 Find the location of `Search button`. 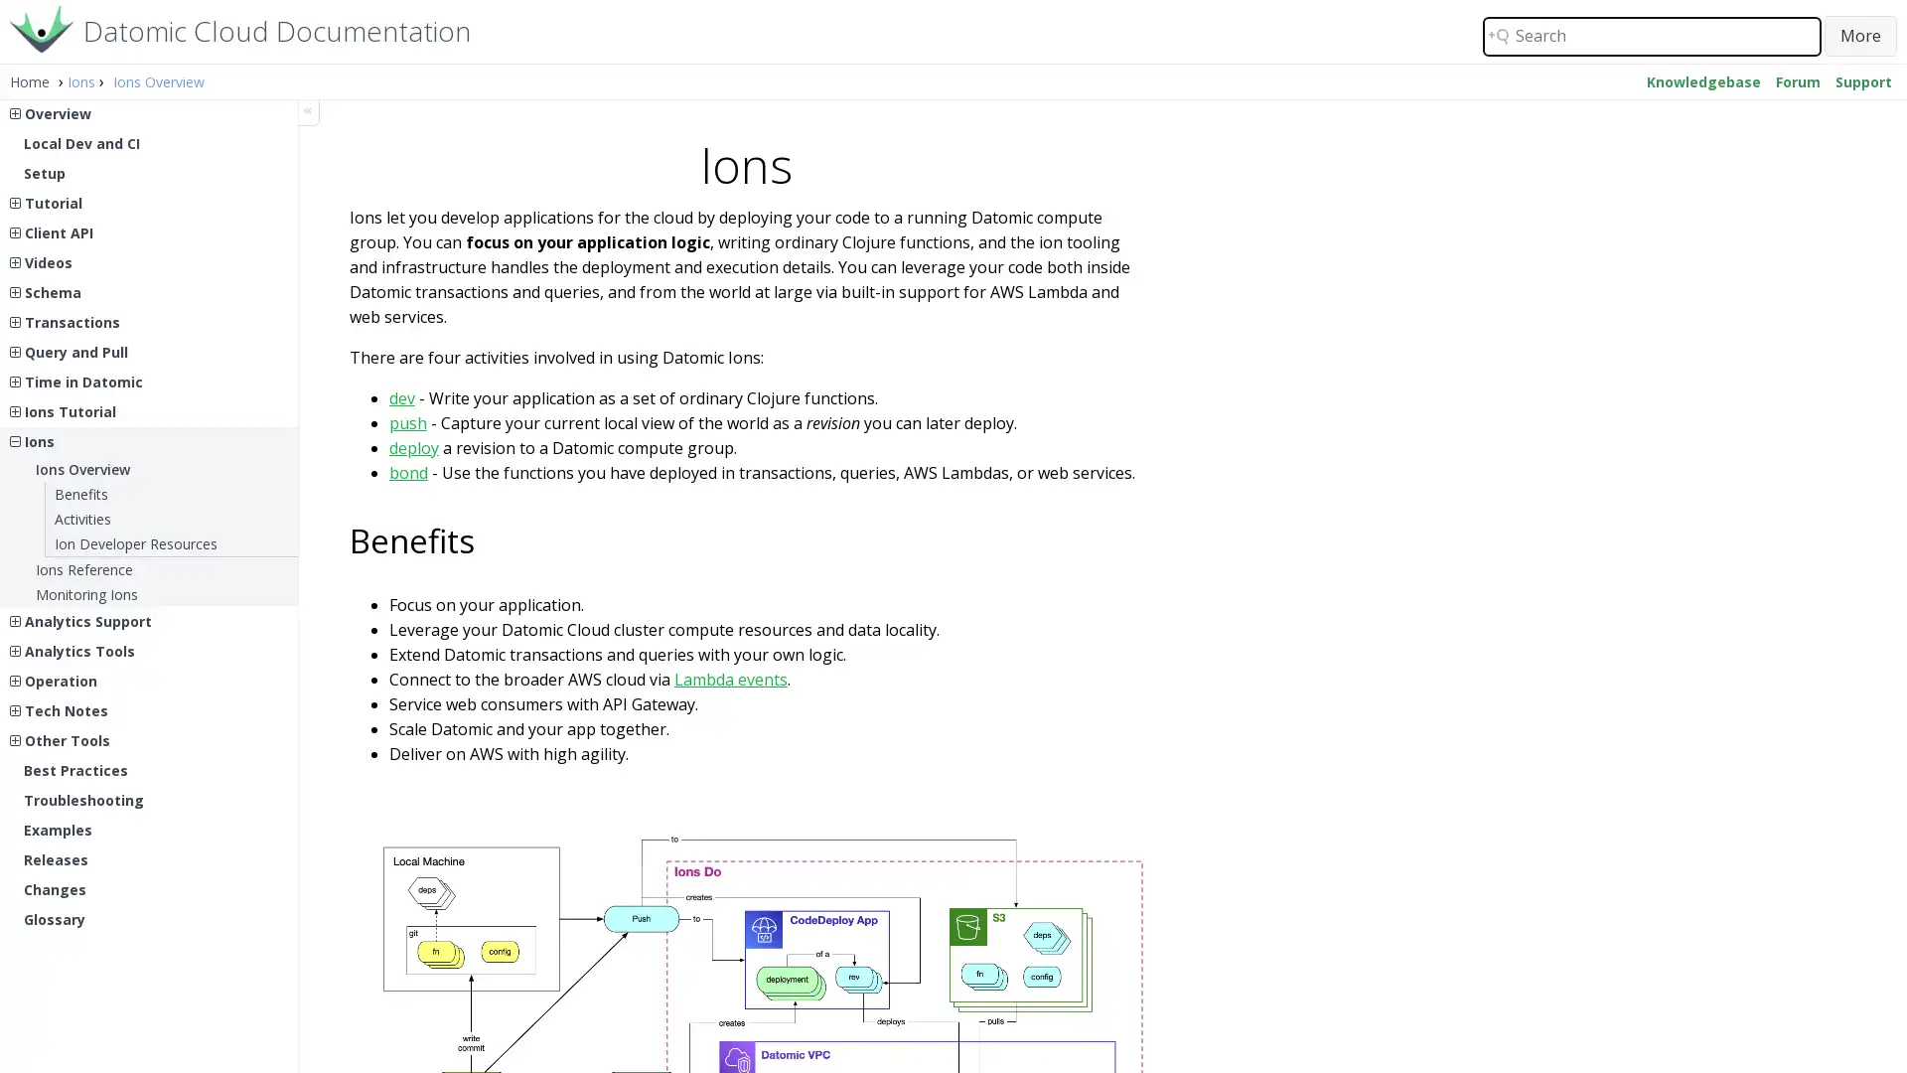

Search button is located at coordinates (1859, 36).